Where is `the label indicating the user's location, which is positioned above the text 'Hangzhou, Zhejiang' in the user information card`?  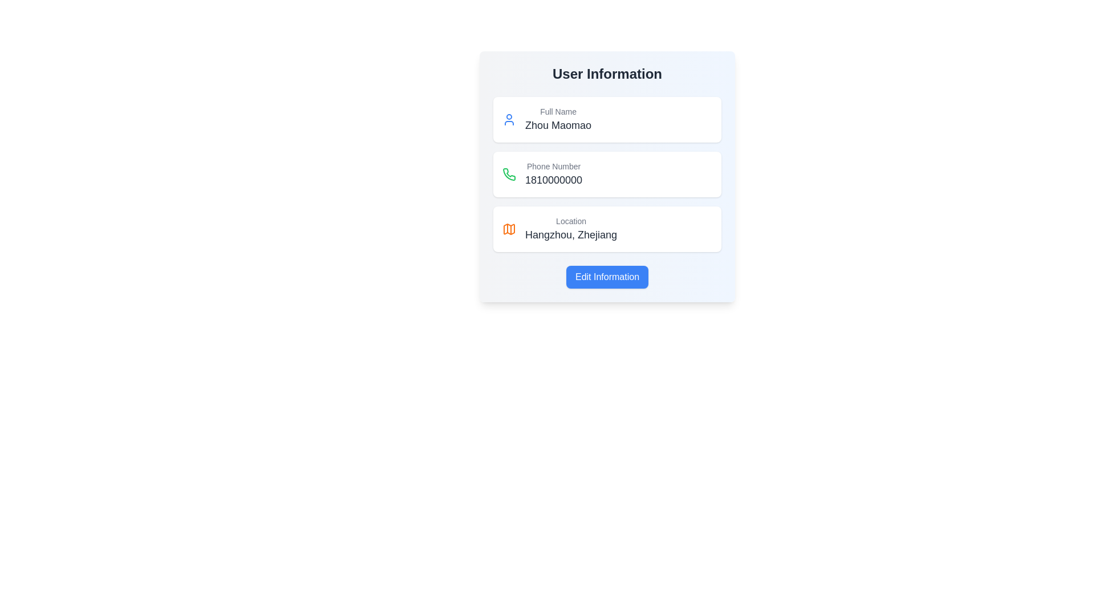 the label indicating the user's location, which is positioned above the text 'Hangzhou, Zhejiang' in the user information card is located at coordinates (571, 221).